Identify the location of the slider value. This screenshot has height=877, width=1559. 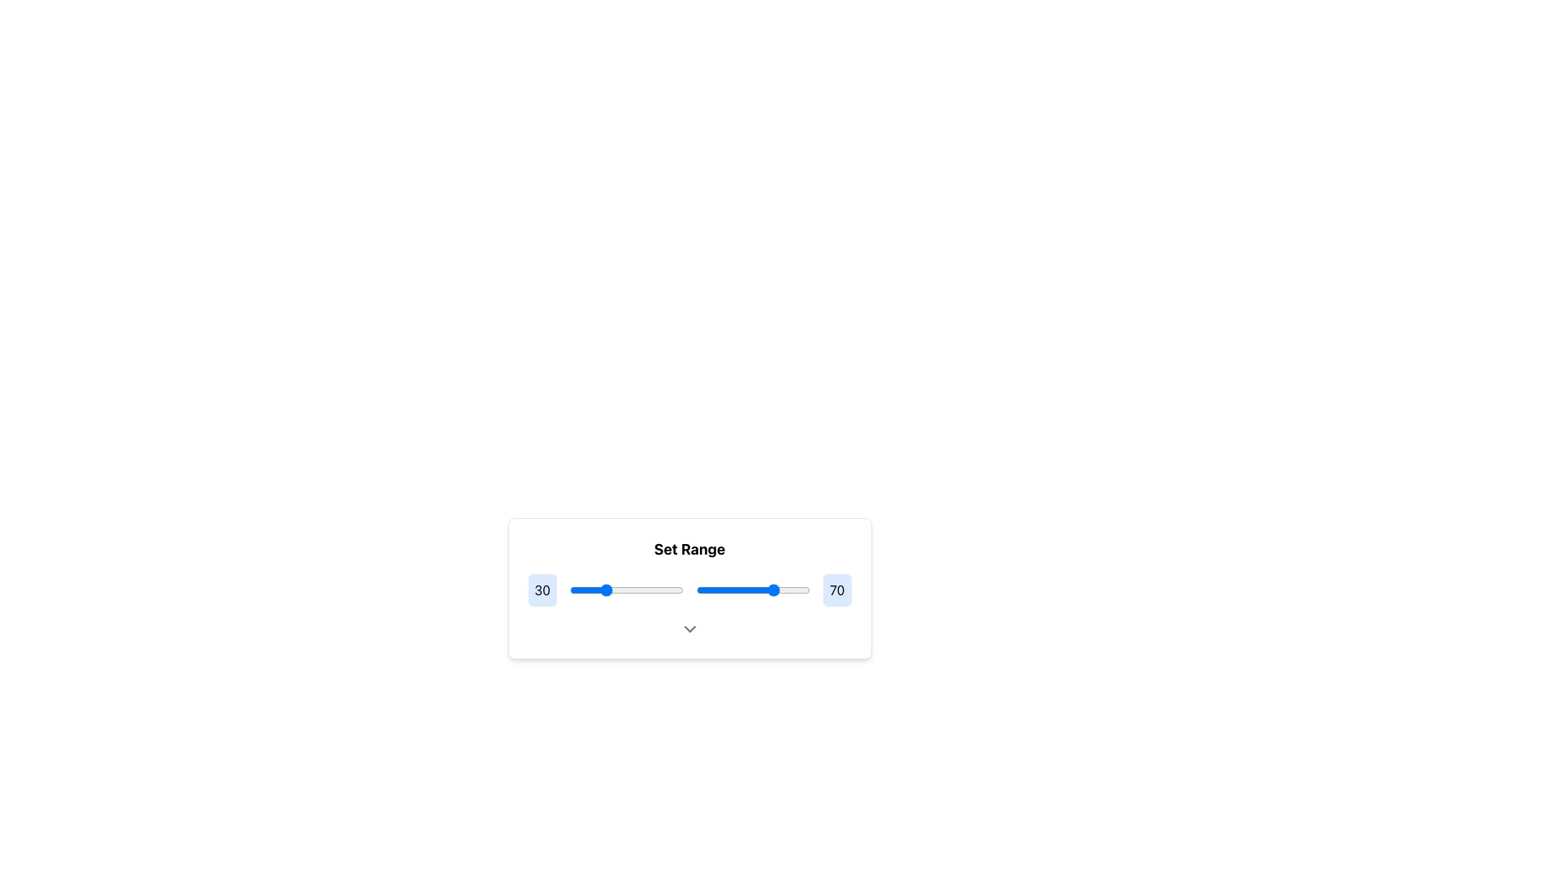
(619, 590).